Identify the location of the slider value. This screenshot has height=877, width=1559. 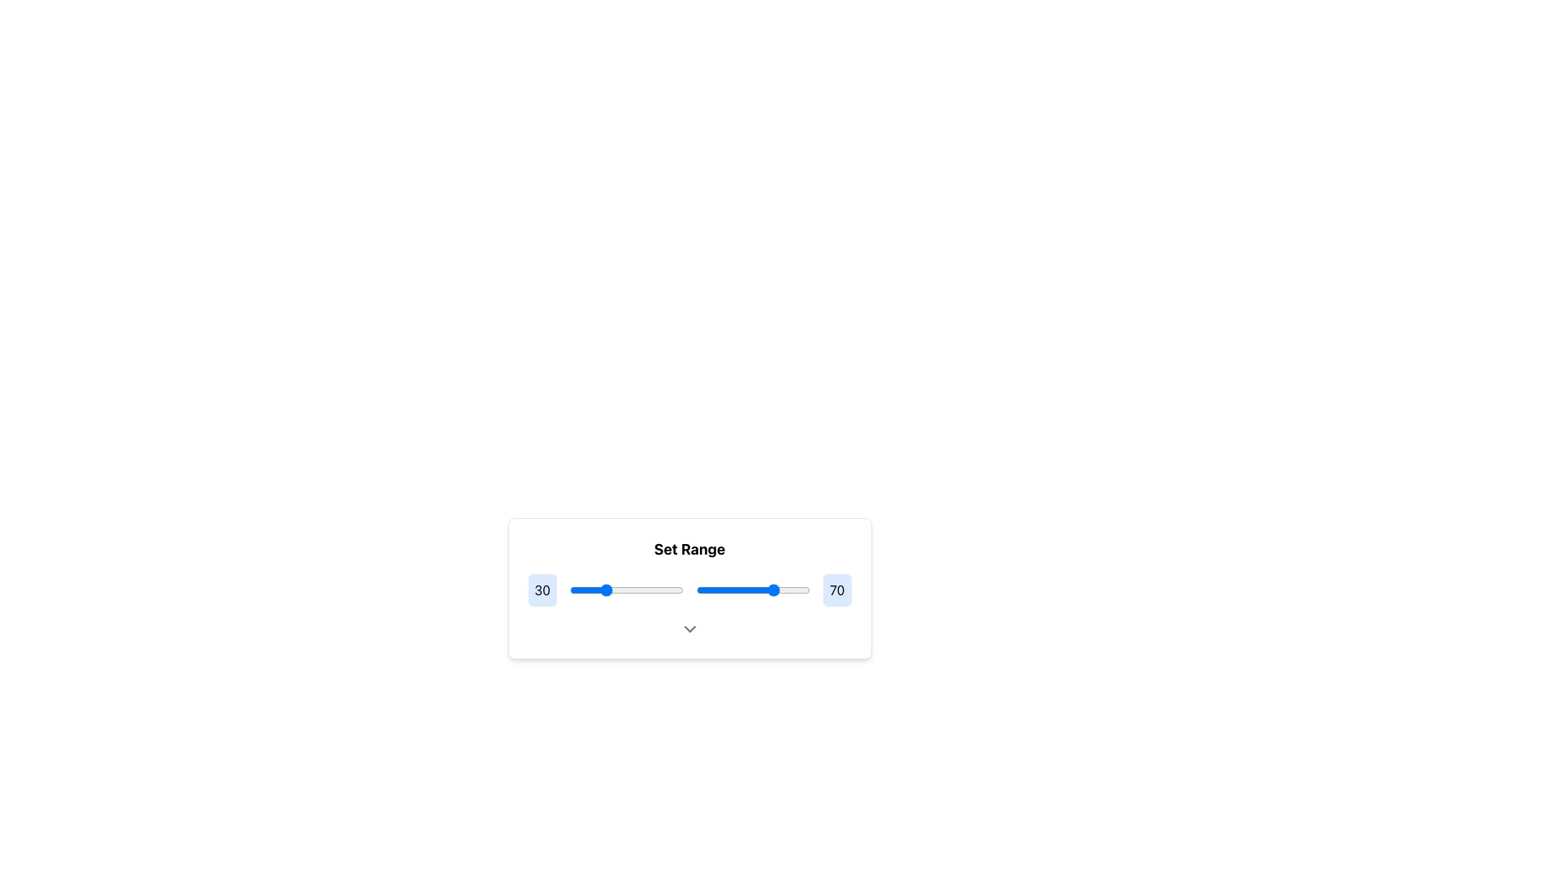
(619, 590).